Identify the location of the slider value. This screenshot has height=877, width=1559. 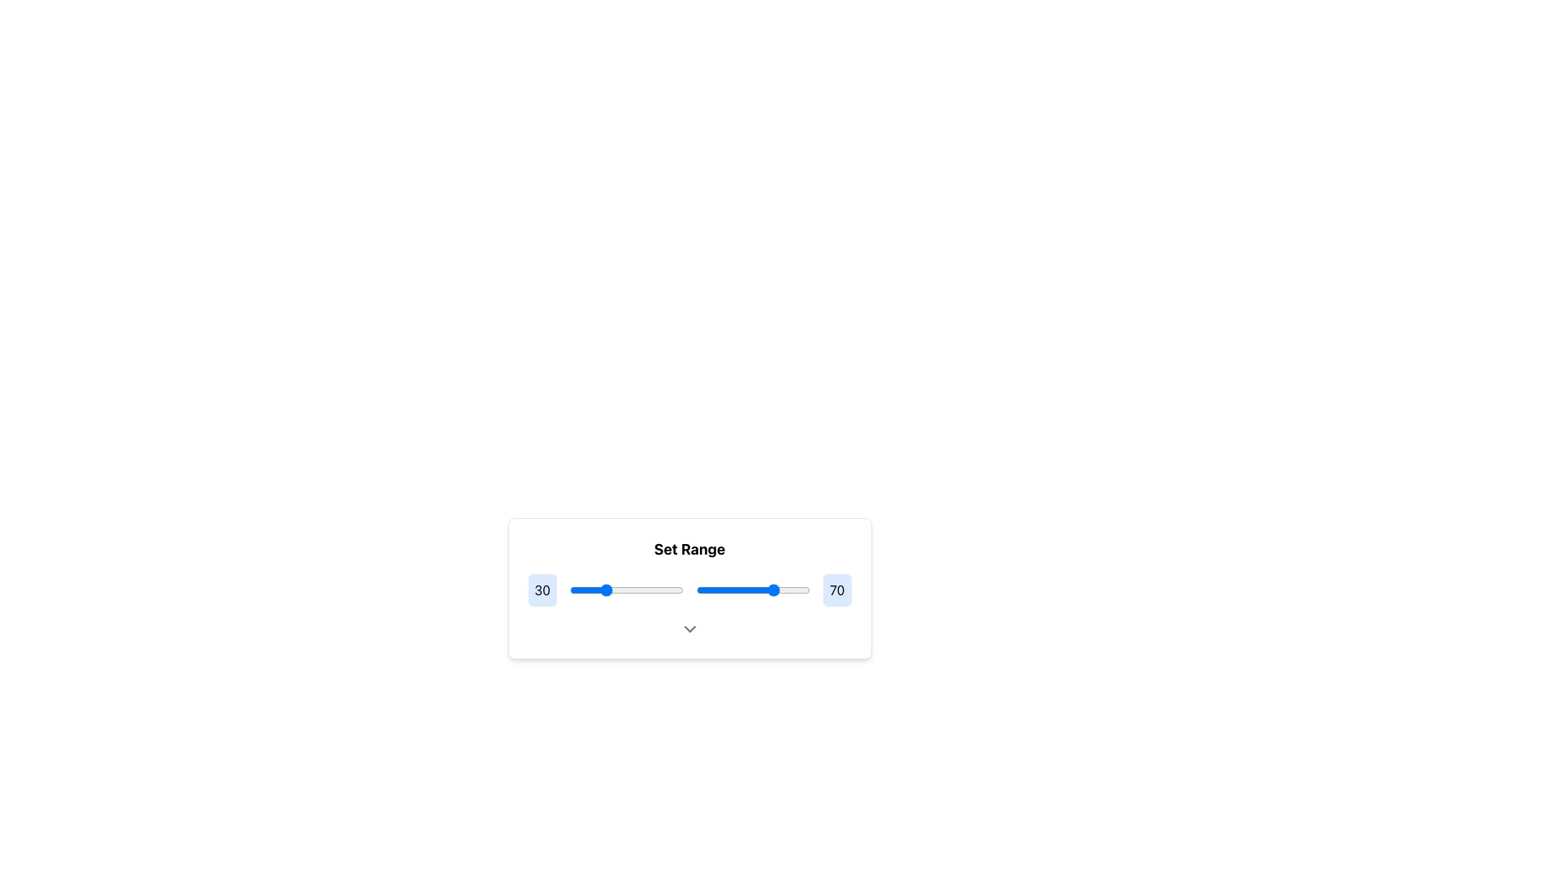
(619, 590).